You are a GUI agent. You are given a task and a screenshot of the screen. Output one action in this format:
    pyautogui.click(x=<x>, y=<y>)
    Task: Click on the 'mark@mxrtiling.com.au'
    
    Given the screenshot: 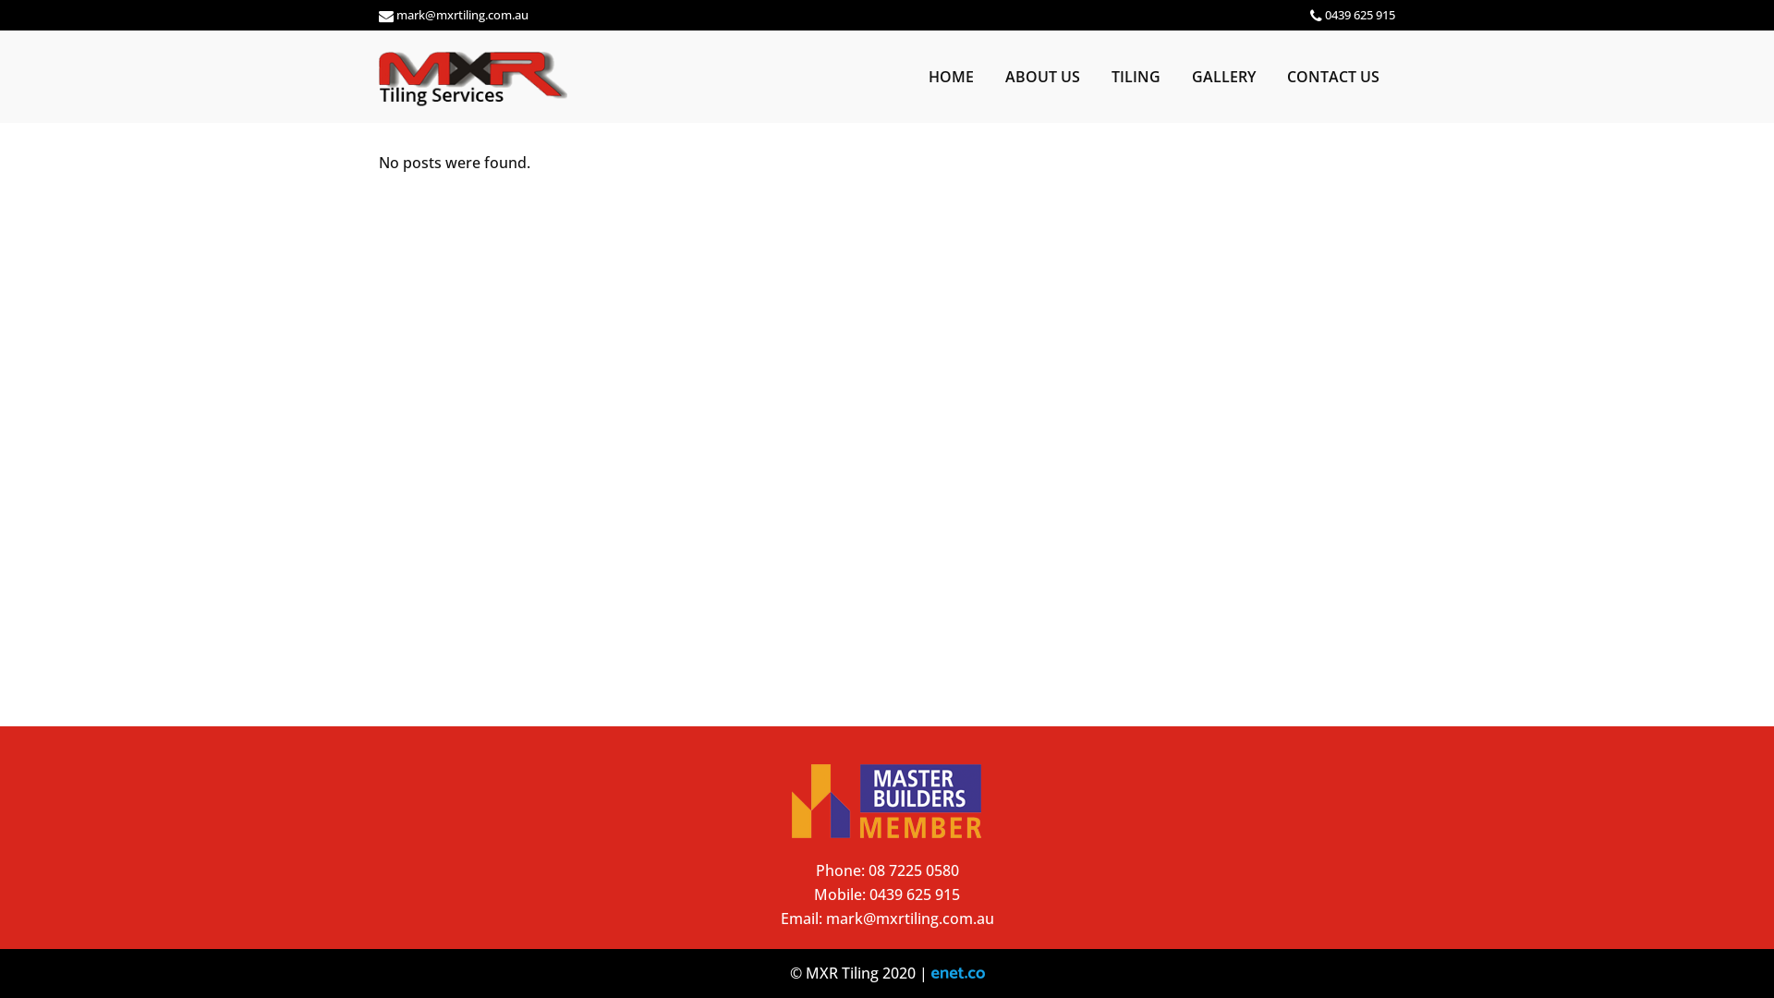 What is the action you would take?
    pyautogui.click(x=462, y=14)
    